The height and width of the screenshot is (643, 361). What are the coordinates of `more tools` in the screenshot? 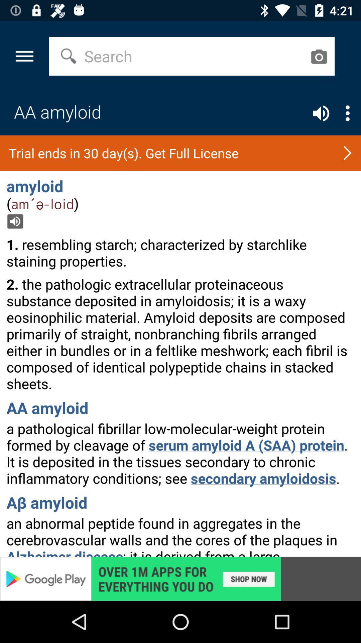 It's located at (347, 113).